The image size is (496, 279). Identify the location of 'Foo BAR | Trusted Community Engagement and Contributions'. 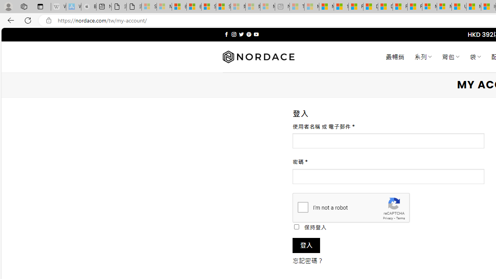
(414, 7).